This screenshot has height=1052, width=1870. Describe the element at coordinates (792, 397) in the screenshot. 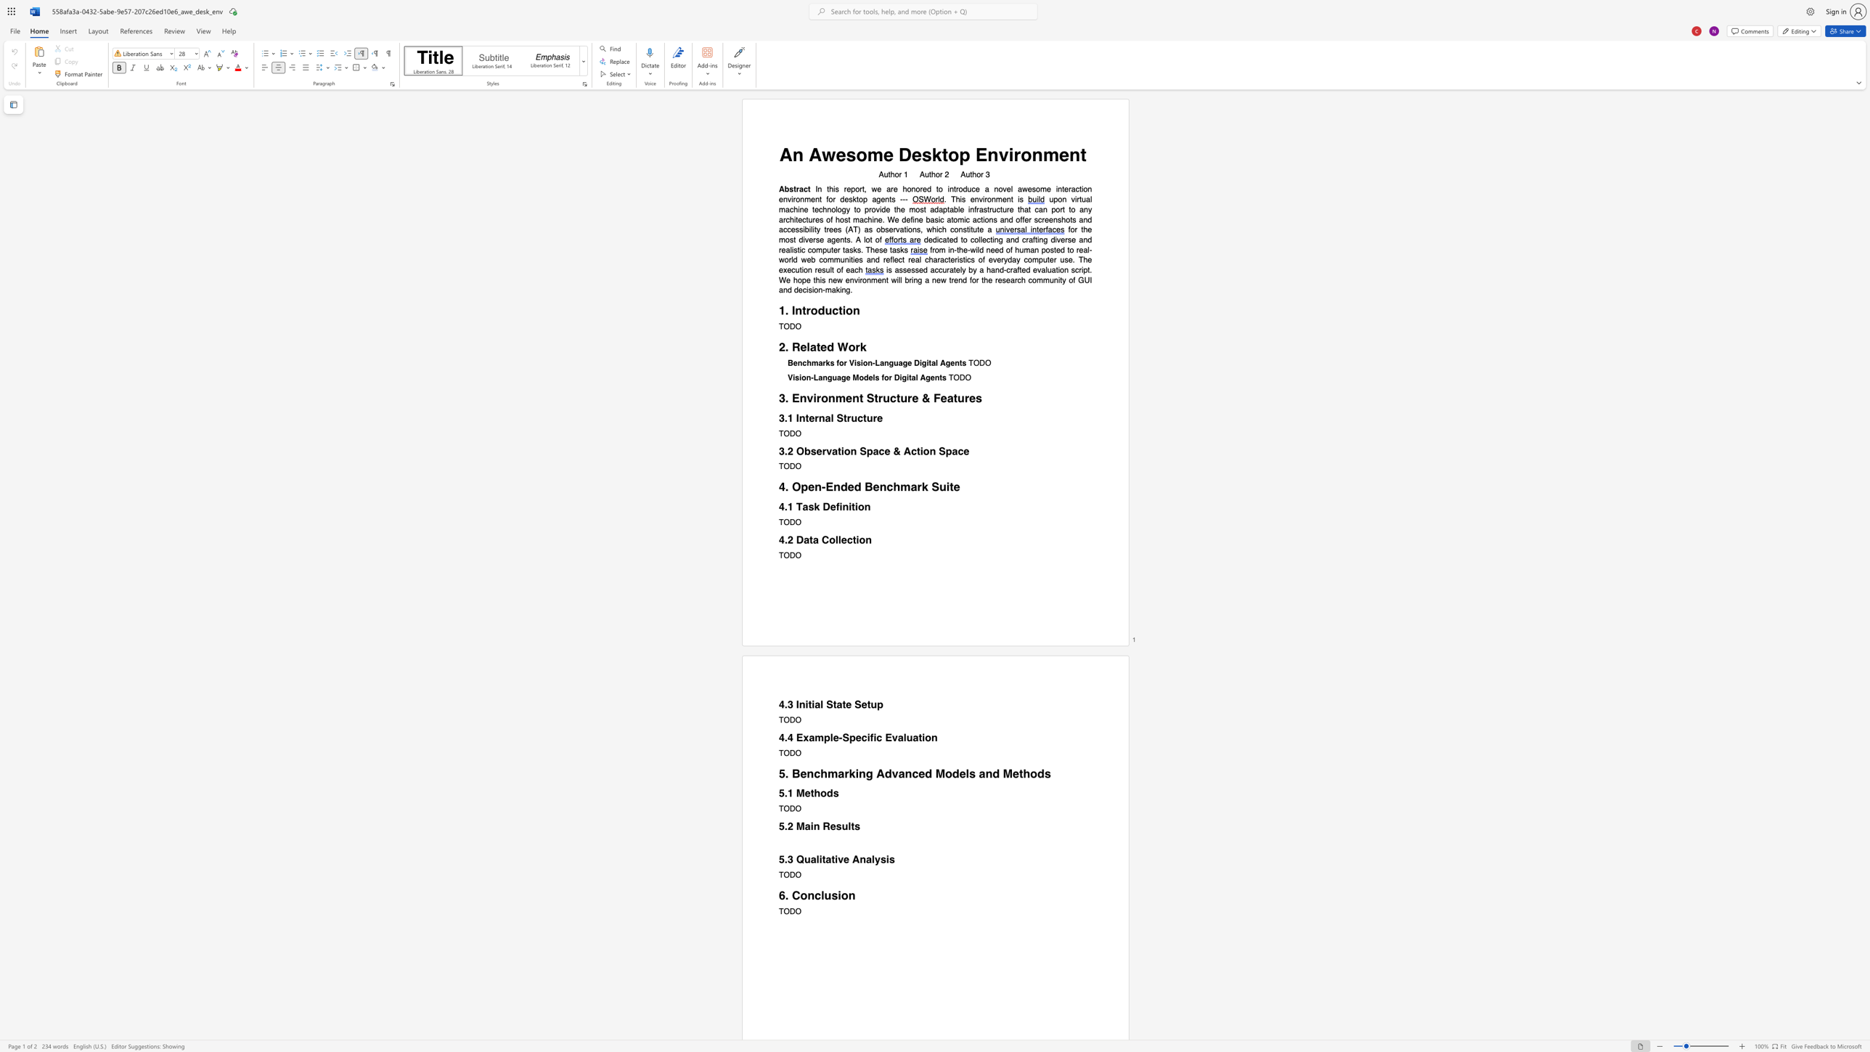

I see `the subset text "Environment Str" within the text "3. Environment Structure & Features"` at that location.